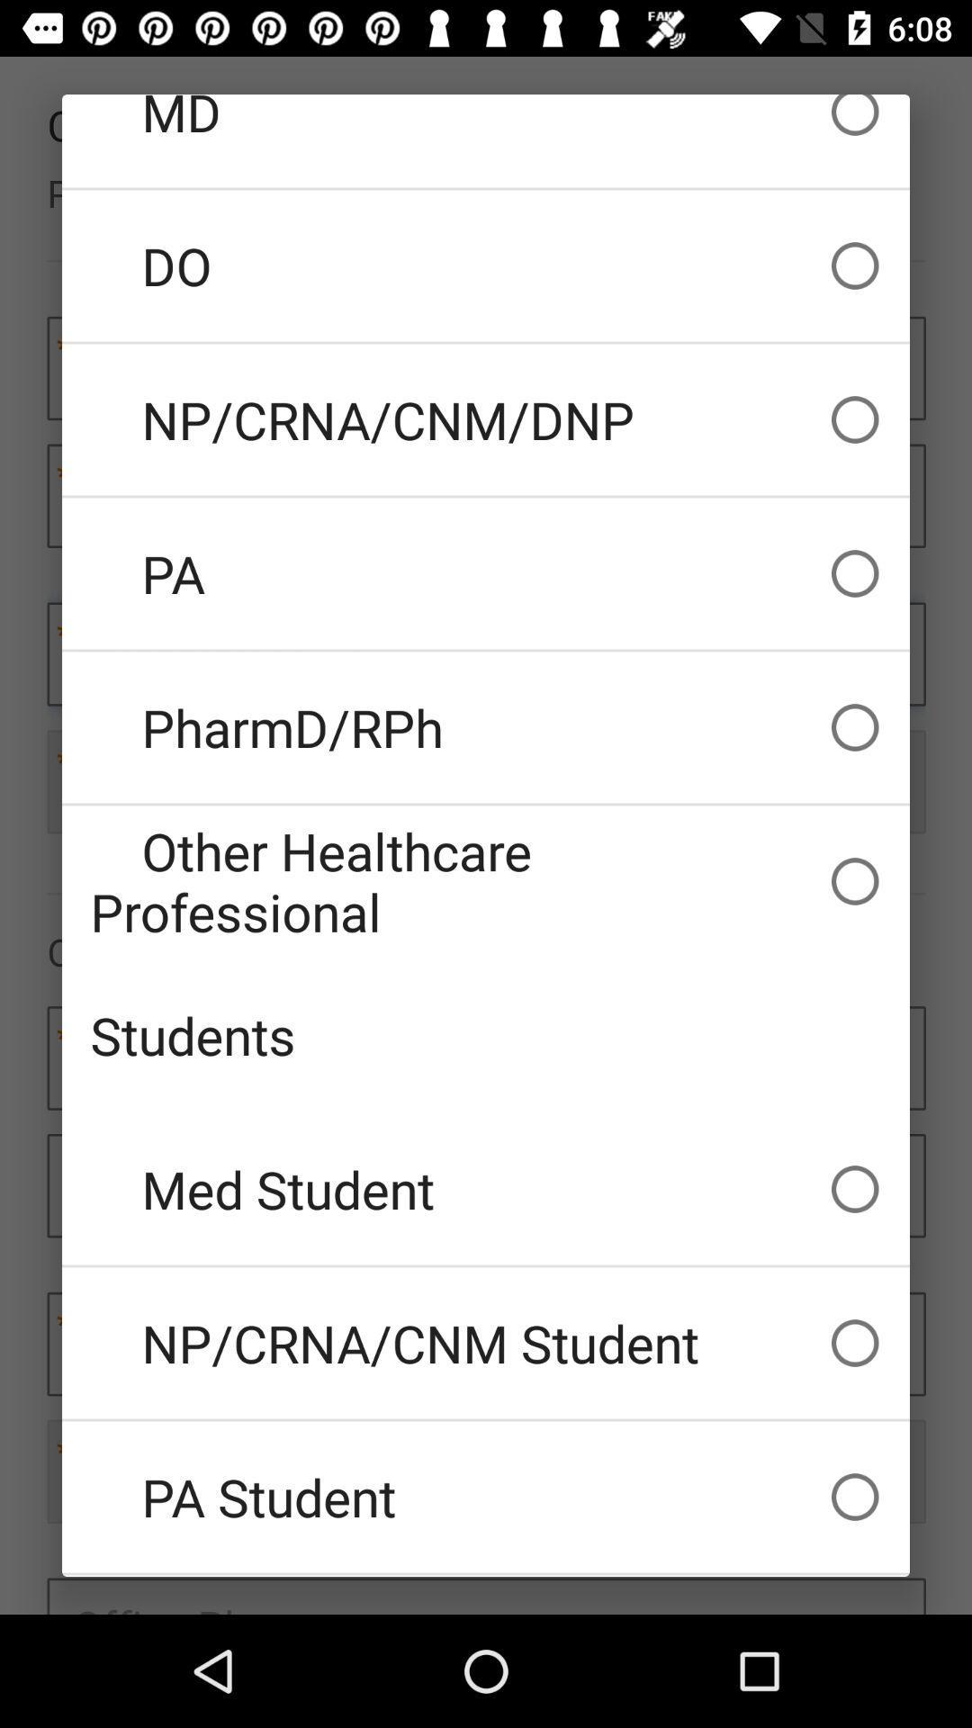 Image resolution: width=972 pixels, height=1728 pixels. I want to click on the     pharmd/rph icon, so click(486, 727).